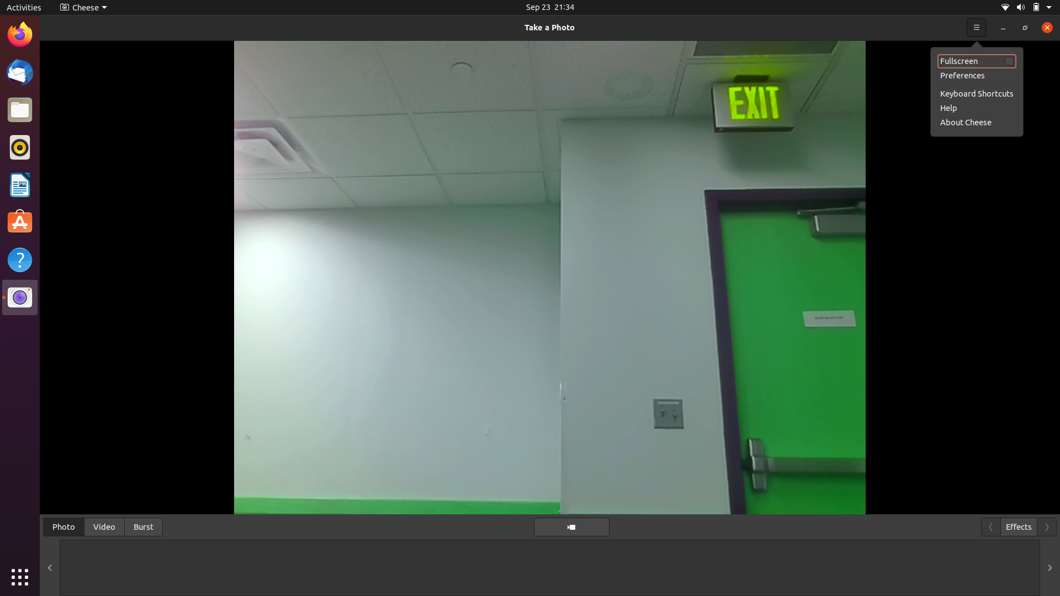 The width and height of the screenshot is (1060, 596). What do you see at coordinates (104, 525) in the screenshot?
I see `all stored video recordings` at bounding box center [104, 525].